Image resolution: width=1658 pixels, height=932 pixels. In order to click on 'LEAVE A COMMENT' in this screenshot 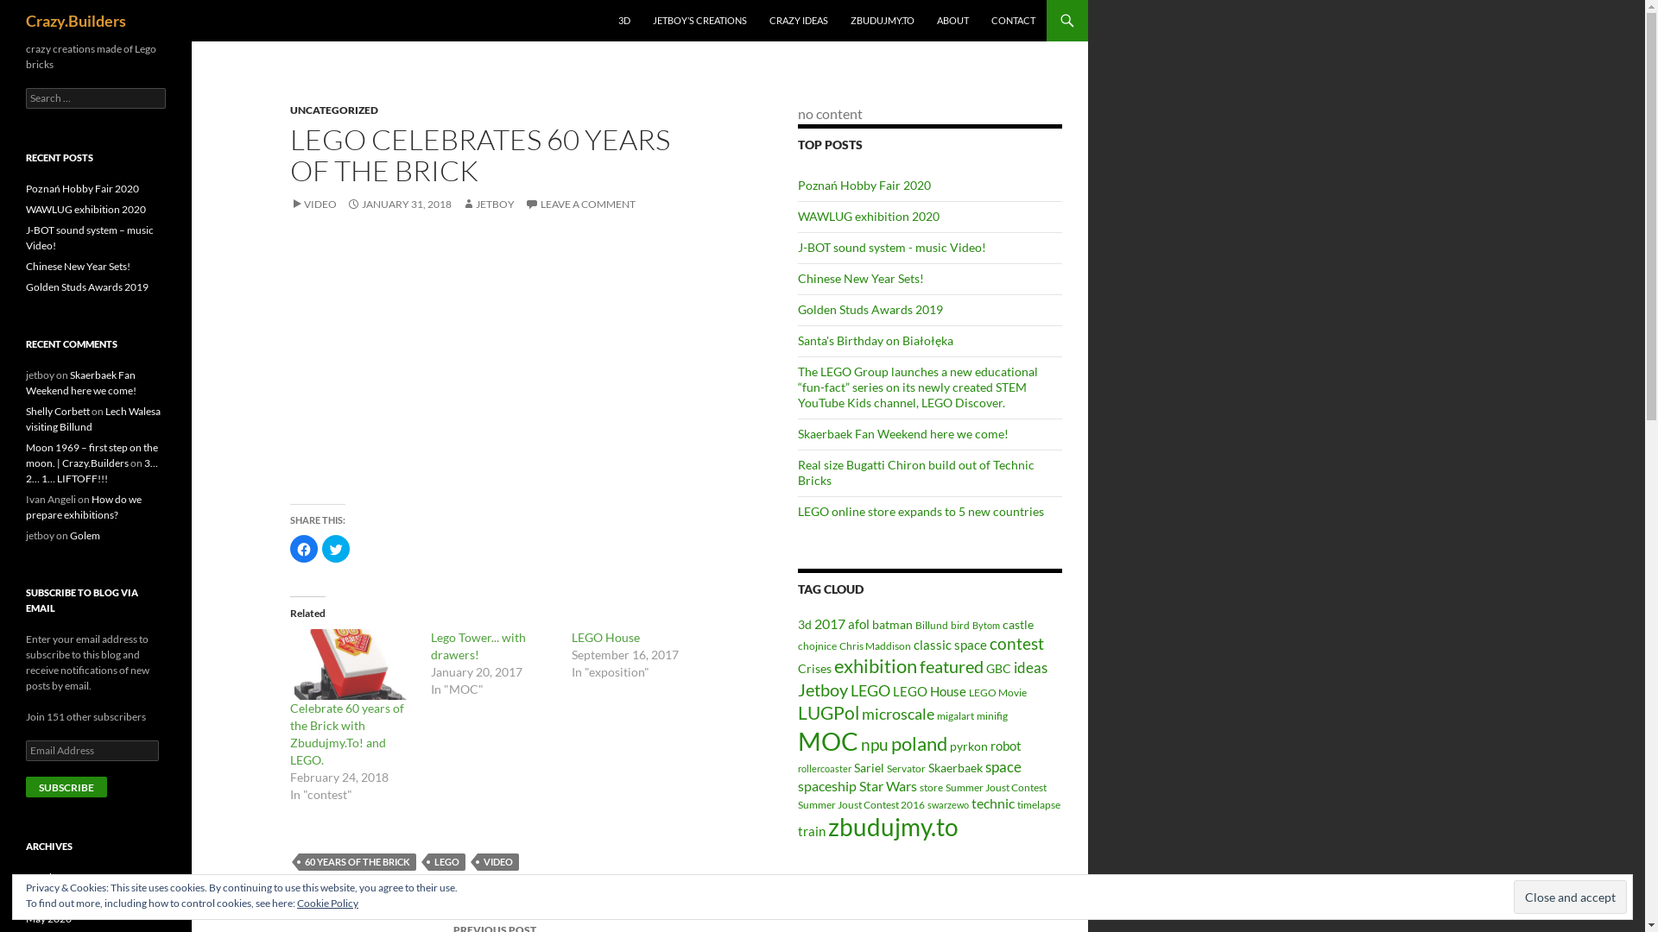, I will do `click(580, 203)`.